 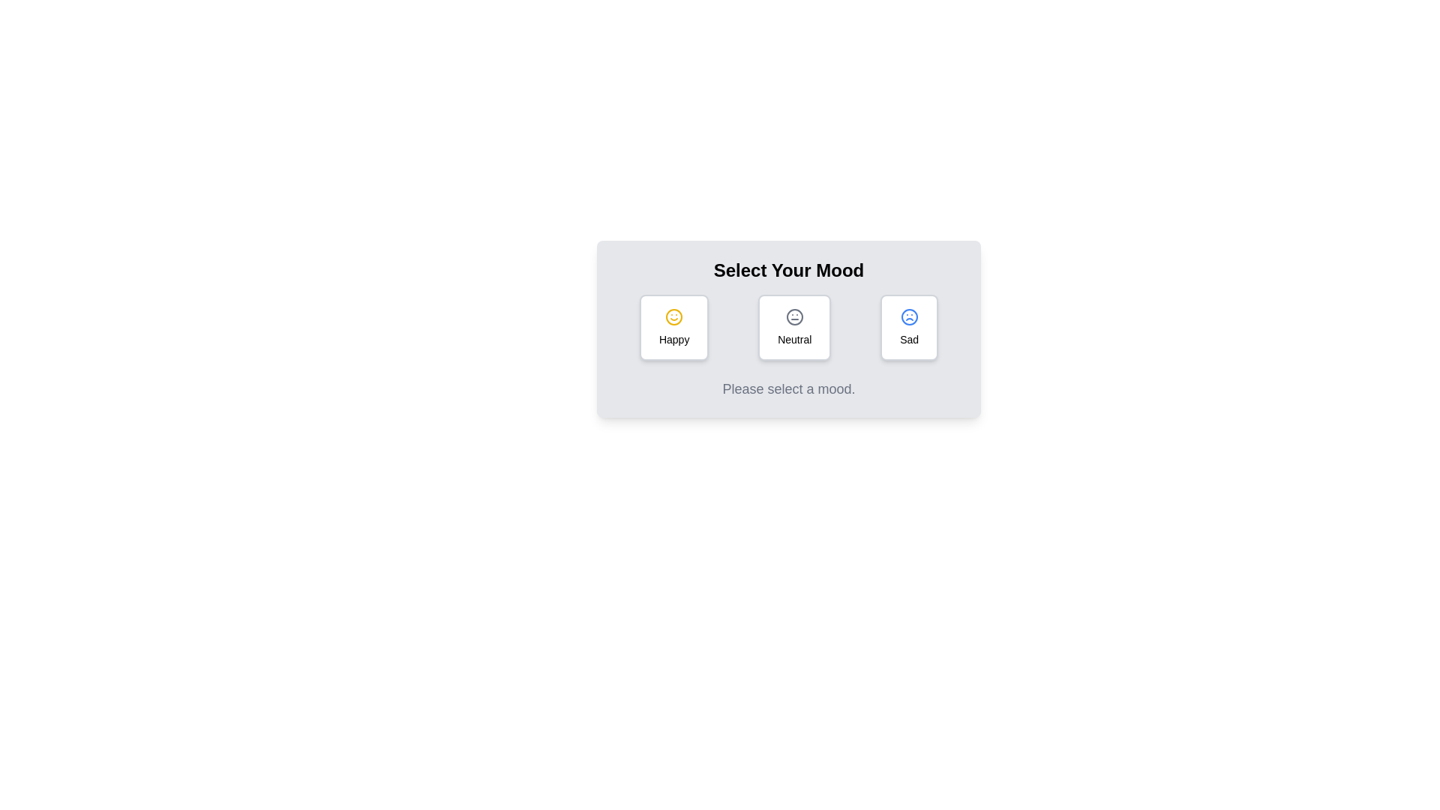 I want to click on the mood selection radio button group labeled 'Select Your Mood', so click(x=787, y=328).